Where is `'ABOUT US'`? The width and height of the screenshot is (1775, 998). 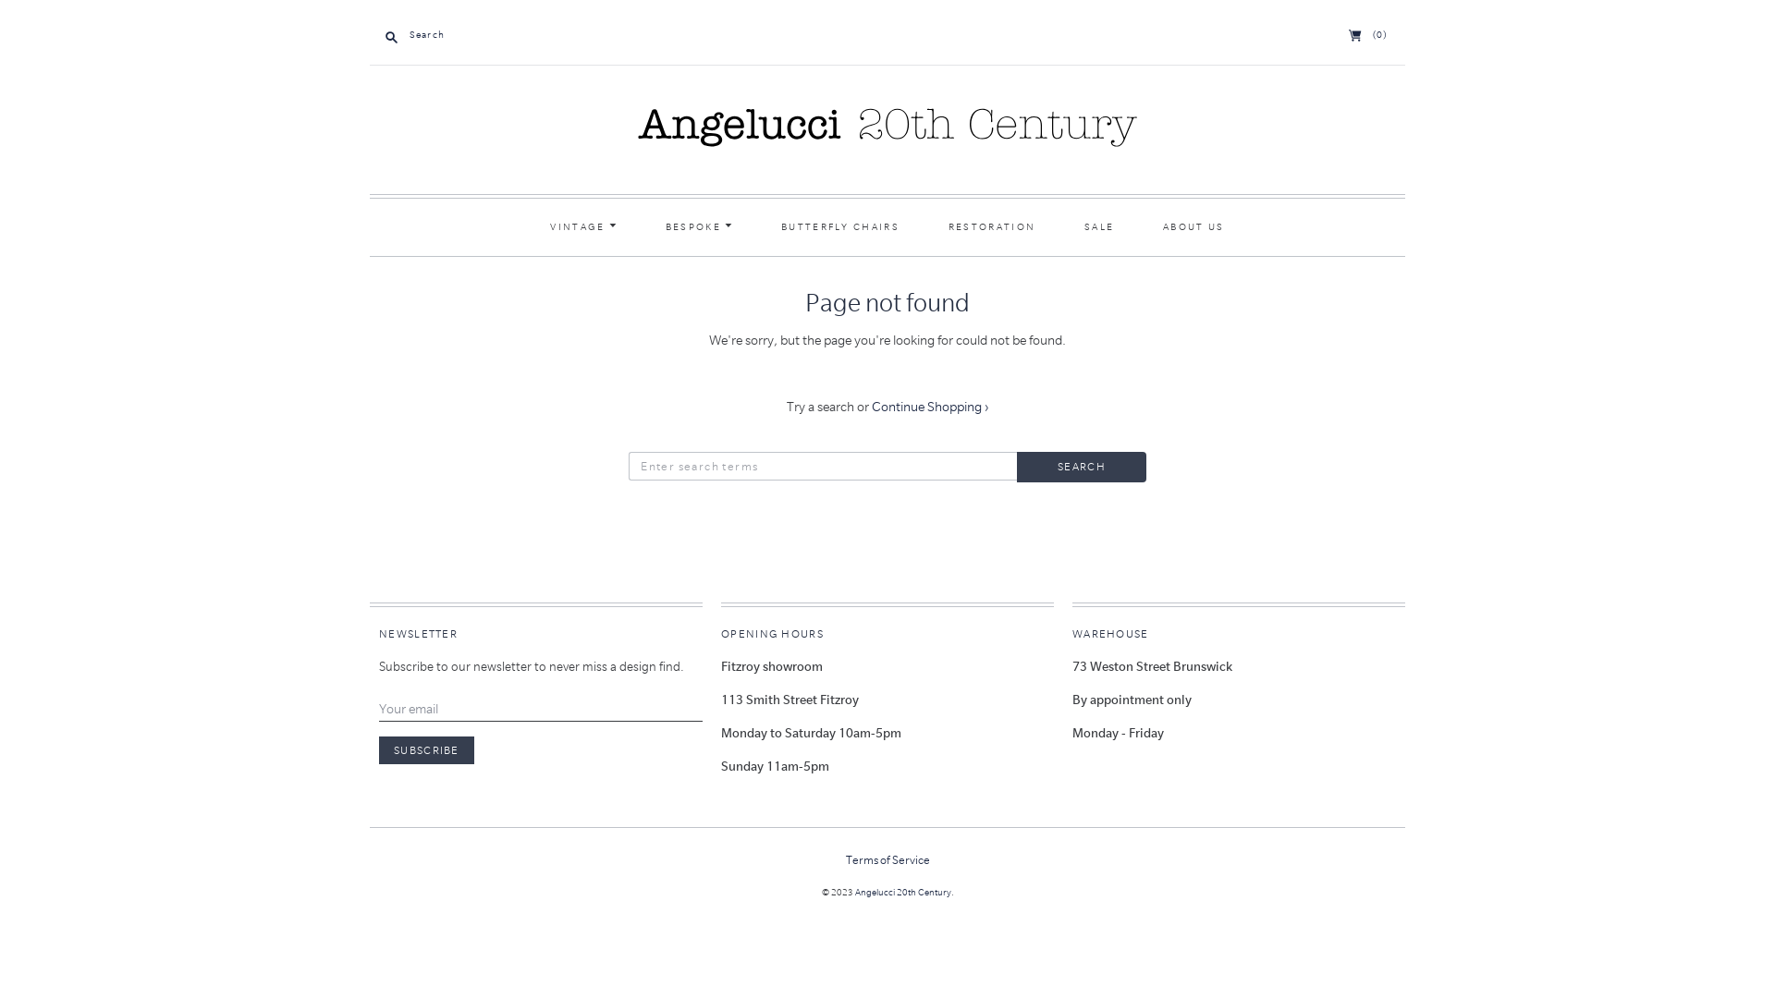 'ABOUT US' is located at coordinates (1194, 225).